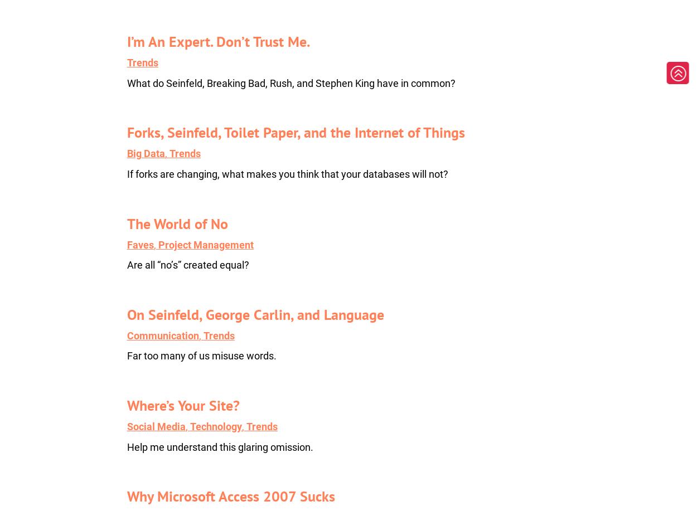 This screenshot has height=511, width=697. Describe the element at coordinates (218, 41) in the screenshot. I see `'I’m An Expert. Don’t Trust Me.'` at that location.